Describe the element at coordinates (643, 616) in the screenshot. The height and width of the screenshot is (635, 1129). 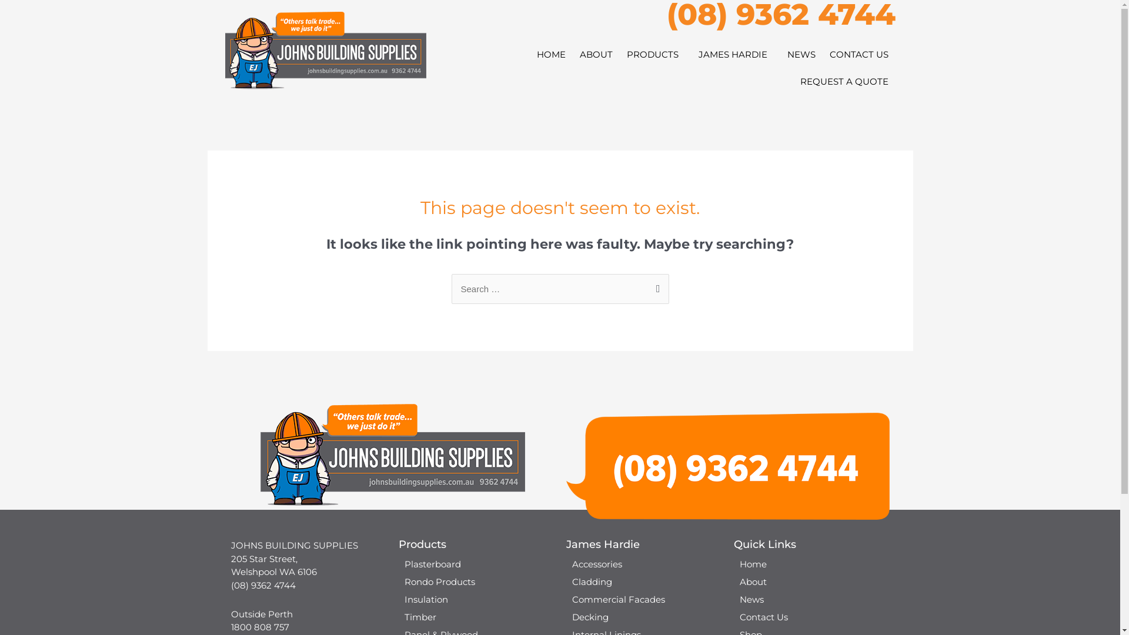
I see `'Decking'` at that location.